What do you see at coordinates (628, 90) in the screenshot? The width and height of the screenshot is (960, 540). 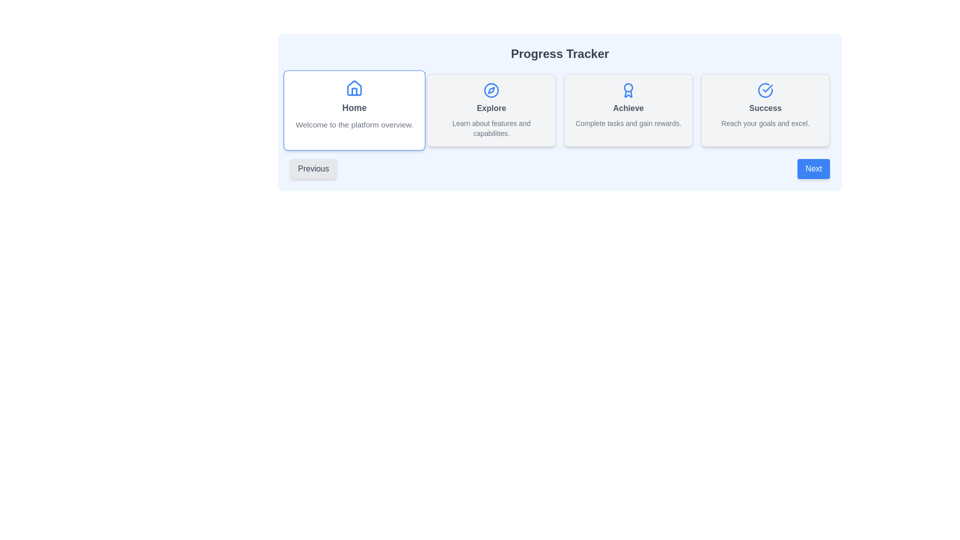 I see `the presence of the blue-styled award or medal icon located within the 'Achieve' card by clicking on it` at bounding box center [628, 90].